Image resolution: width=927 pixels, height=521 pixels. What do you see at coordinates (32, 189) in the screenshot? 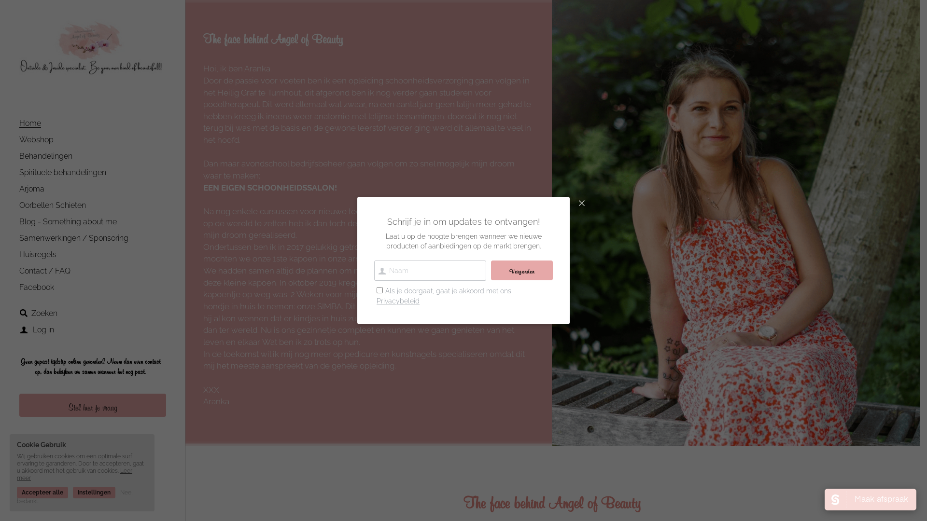
I see `'Arjoma'` at bounding box center [32, 189].